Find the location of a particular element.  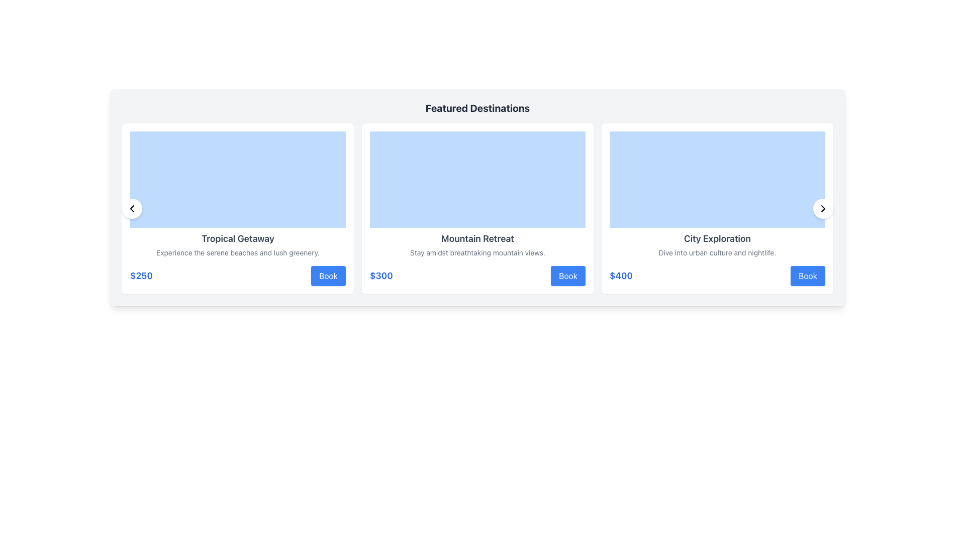

the text label containing the phrase 'Experience the serene beaches and lush greenery.' situated within the 'Tropical Getaway' card, which is horizontally centered below the card title is located at coordinates (237, 252).